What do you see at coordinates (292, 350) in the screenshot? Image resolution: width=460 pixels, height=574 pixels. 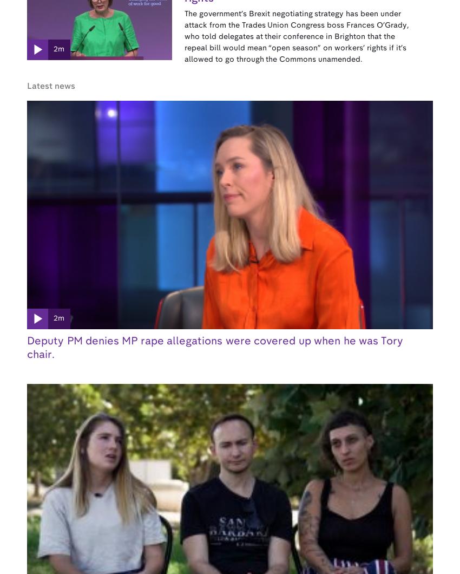 I see `'Contact us'` at bounding box center [292, 350].